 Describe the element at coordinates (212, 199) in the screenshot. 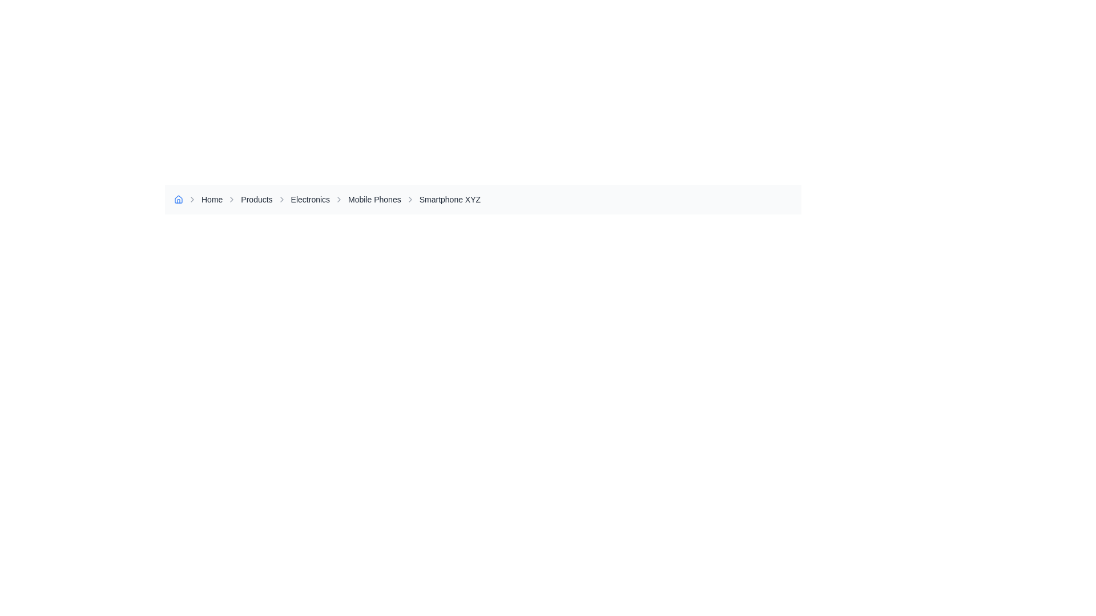

I see `the 'Home' clickable text link in the breadcrumb navigation bar` at that location.